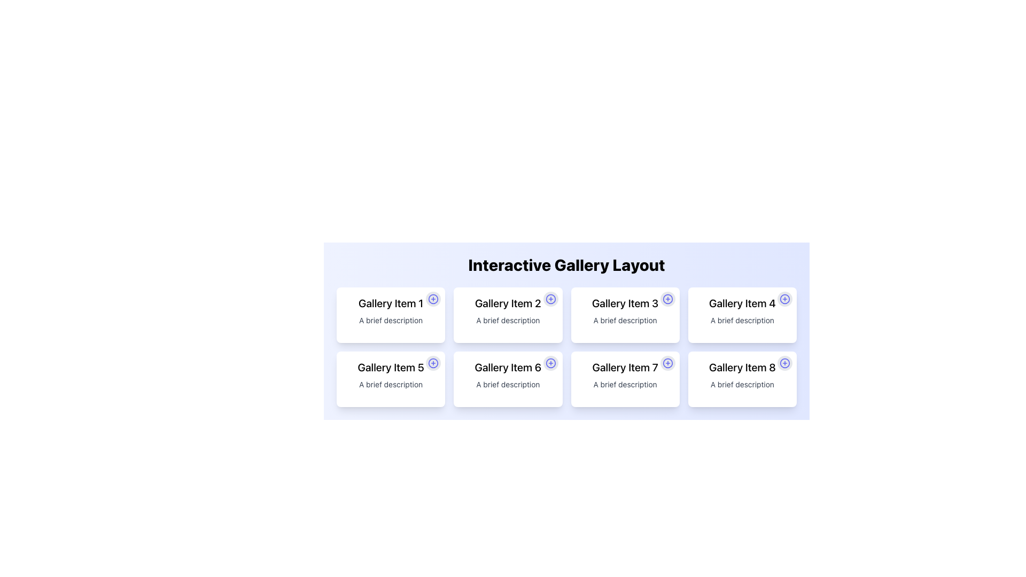  Describe the element at coordinates (433, 362) in the screenshot. I see `the add button located in the top-right corner of the card labeled 'Gallery Item 5'` at that location.